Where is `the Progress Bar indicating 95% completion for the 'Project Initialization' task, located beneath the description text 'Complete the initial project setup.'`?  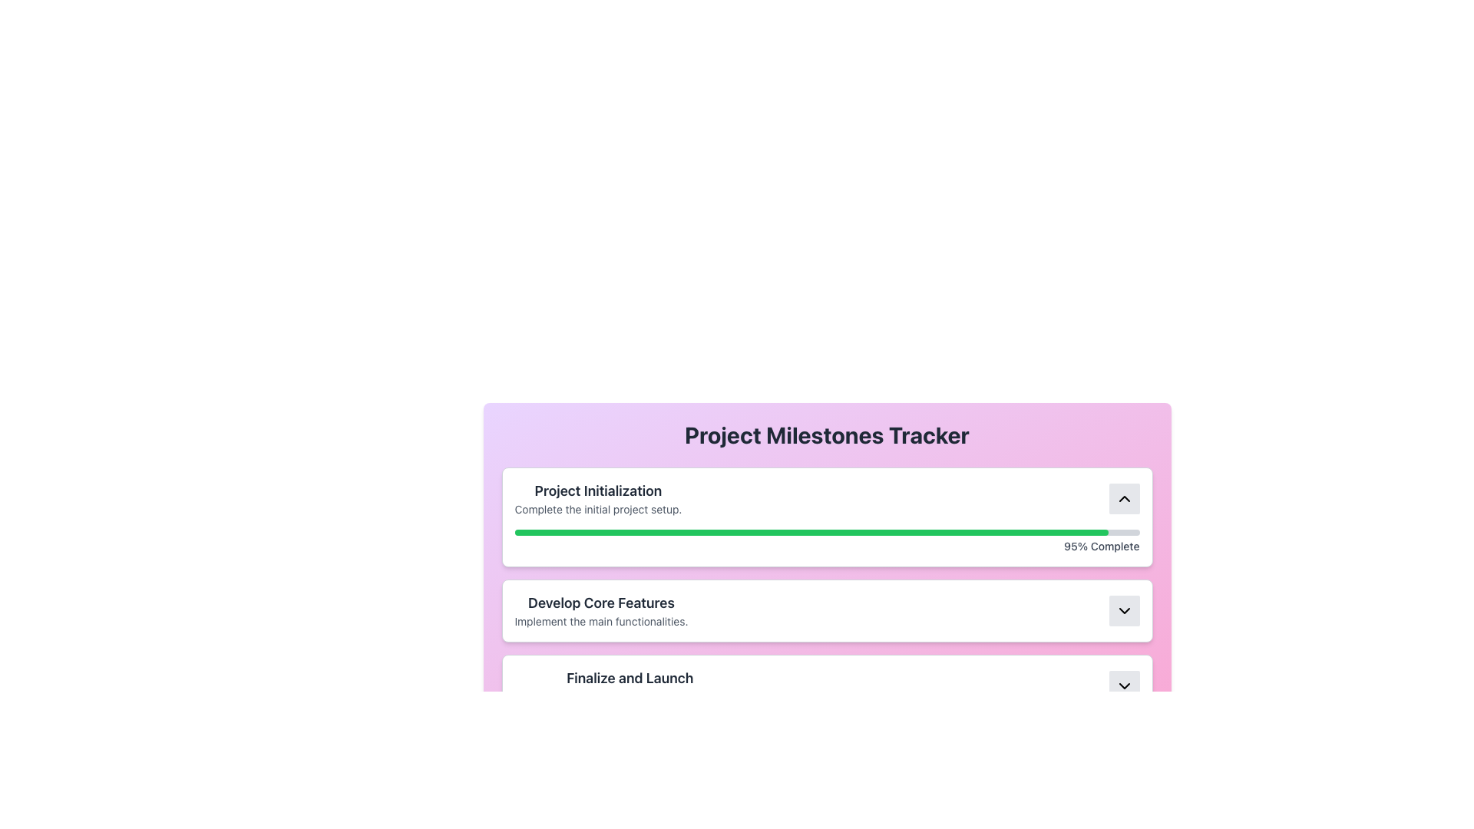
the Progress Bar indicating 95% completion for the 'Project Initialization' task, located beneath the description text 'Complete the initial project setup.' is located at coordinates (826, 540).